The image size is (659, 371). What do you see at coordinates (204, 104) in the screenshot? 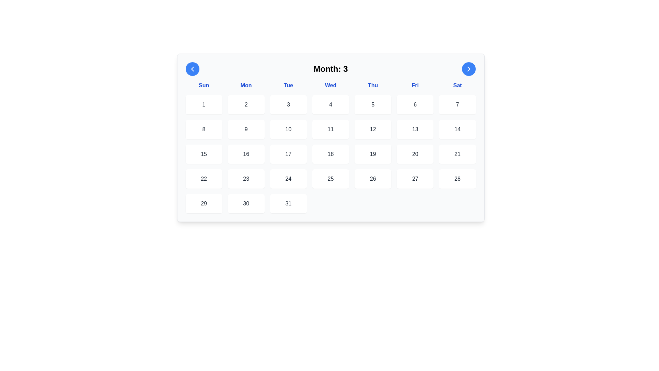
I see `the first day calendar cell located in the top-left corner of the 7-column grid under the 'Sun' label` at bounding box center [204, 104].